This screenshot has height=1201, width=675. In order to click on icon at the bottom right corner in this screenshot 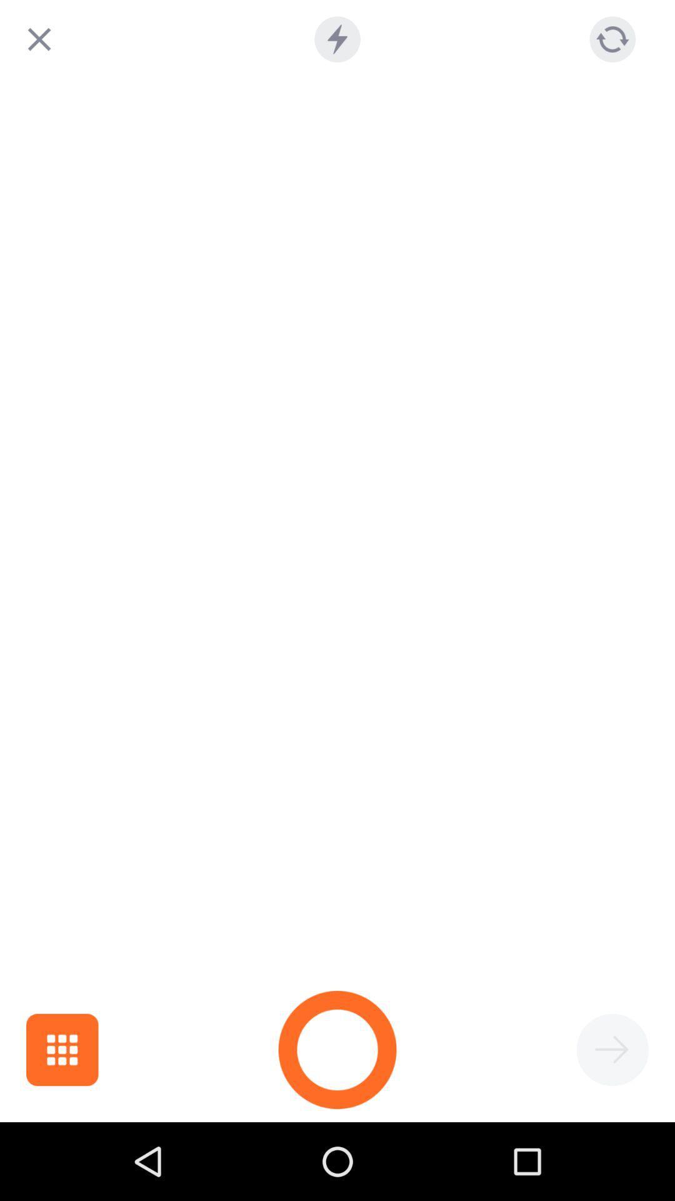, I will do `click(612, 1050)`.